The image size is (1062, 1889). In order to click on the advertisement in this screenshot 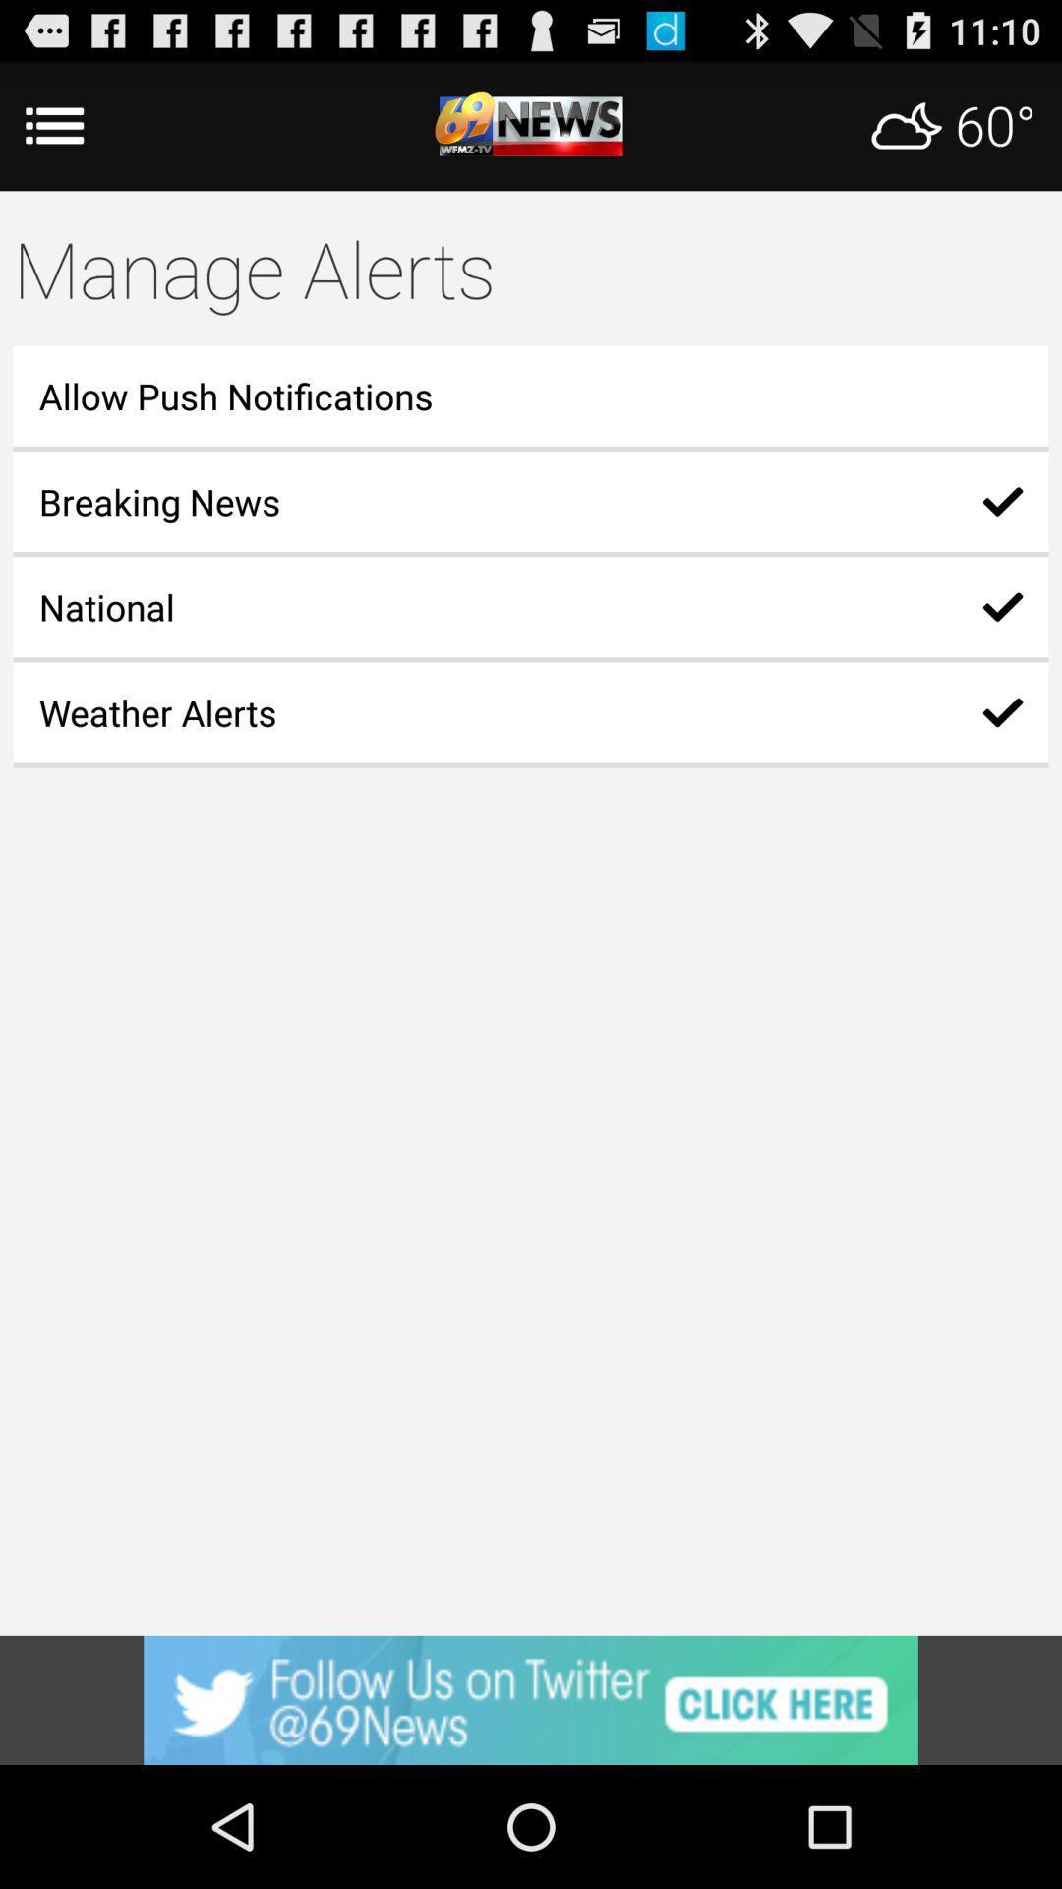, I will do `click(531, 1699)`.